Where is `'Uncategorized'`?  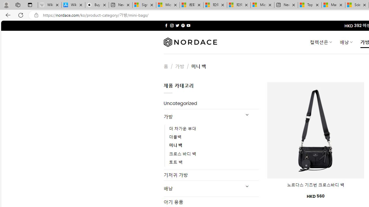
'Uncategorized' is located at coordinates (211, 103).